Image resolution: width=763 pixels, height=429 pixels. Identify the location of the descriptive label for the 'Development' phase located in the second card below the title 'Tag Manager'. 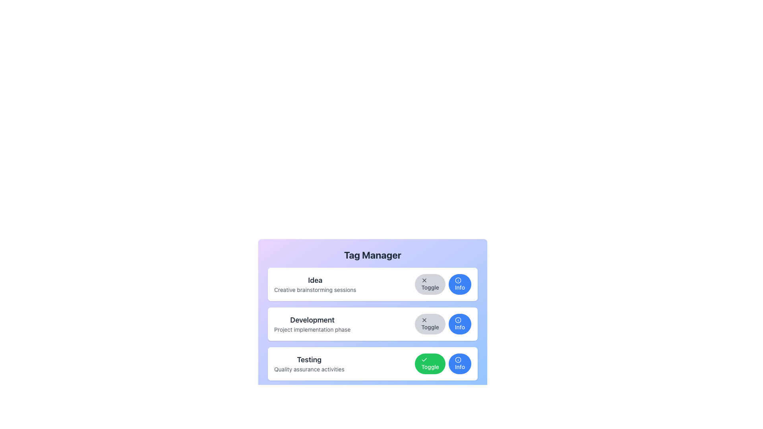
(312, 324).